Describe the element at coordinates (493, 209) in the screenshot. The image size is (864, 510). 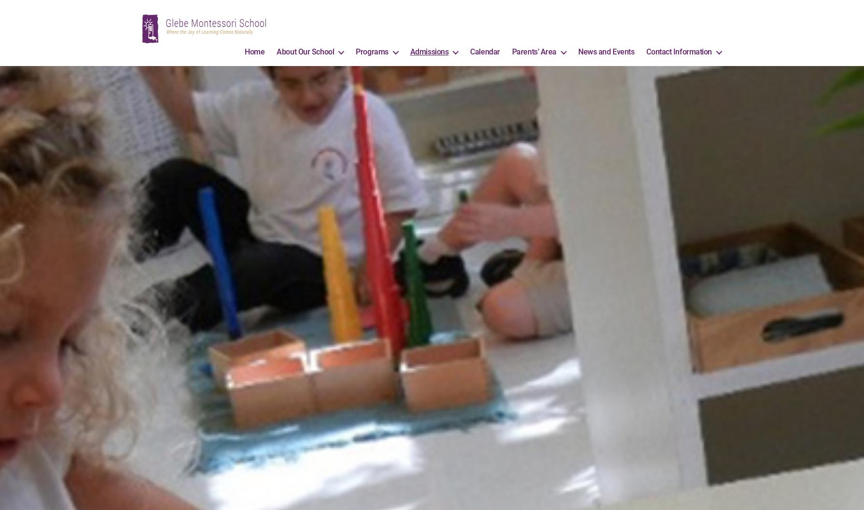
I see `'• Once you have arranged a tour and meeting with the Director, please submit an application form if you wish to enrol your child in the toddler program.'` at that location.